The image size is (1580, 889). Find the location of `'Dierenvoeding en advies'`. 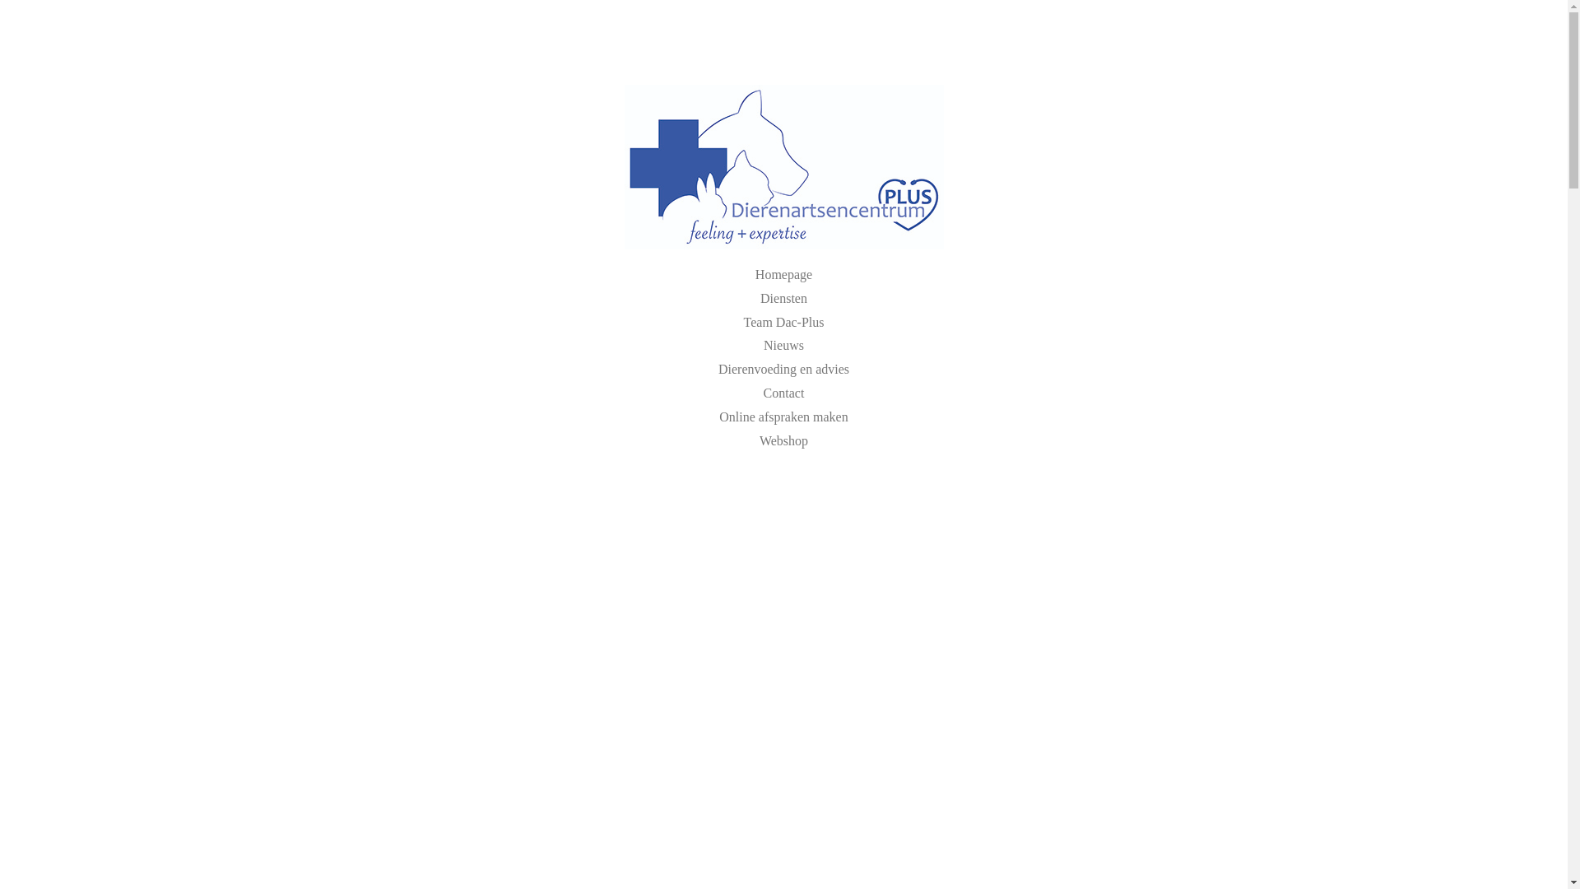

'Dierenvoeding en advies' is located at coordinates (783, 368).